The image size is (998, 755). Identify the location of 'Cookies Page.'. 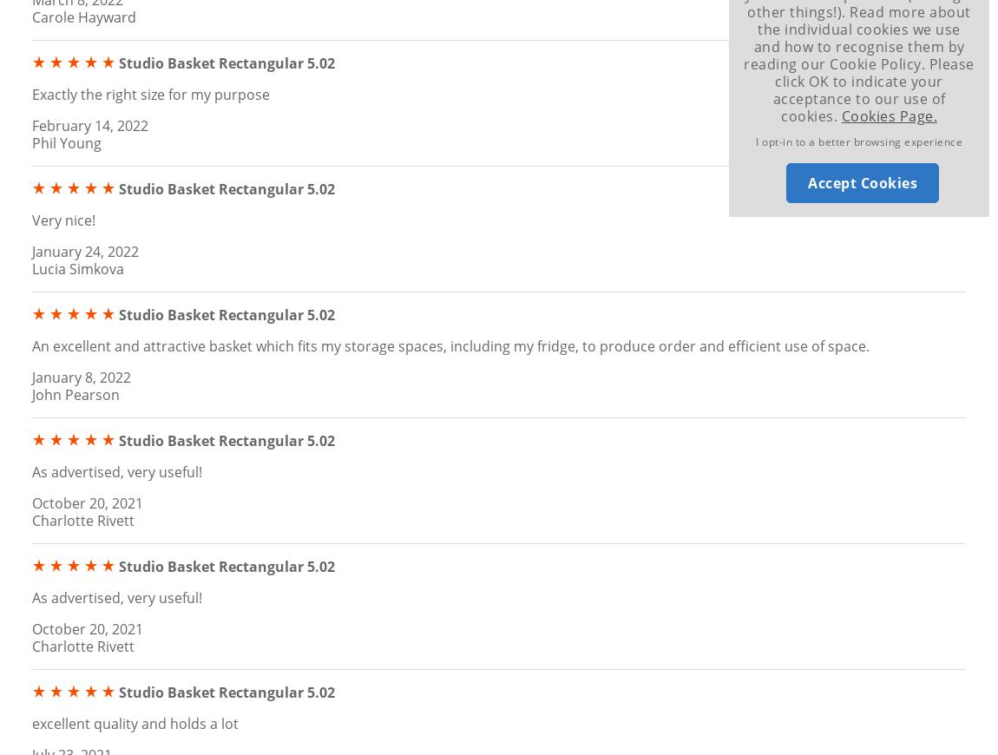
(889, 115).